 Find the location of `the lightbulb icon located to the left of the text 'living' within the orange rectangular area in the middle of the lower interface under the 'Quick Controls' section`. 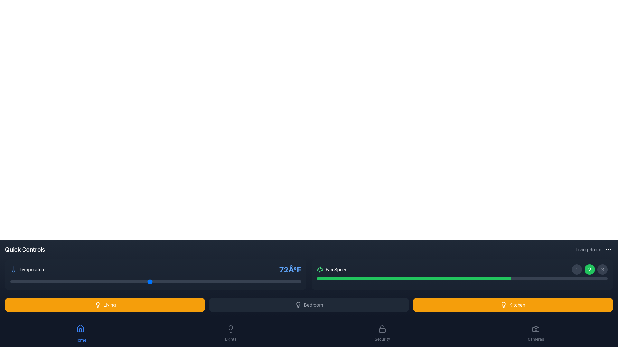

the lightbulb icon located to the left of the text 'living' within the orange rectangular area in the middle of the lower interface under the 'Quick Controls' section is located at coordinates (97, 304).